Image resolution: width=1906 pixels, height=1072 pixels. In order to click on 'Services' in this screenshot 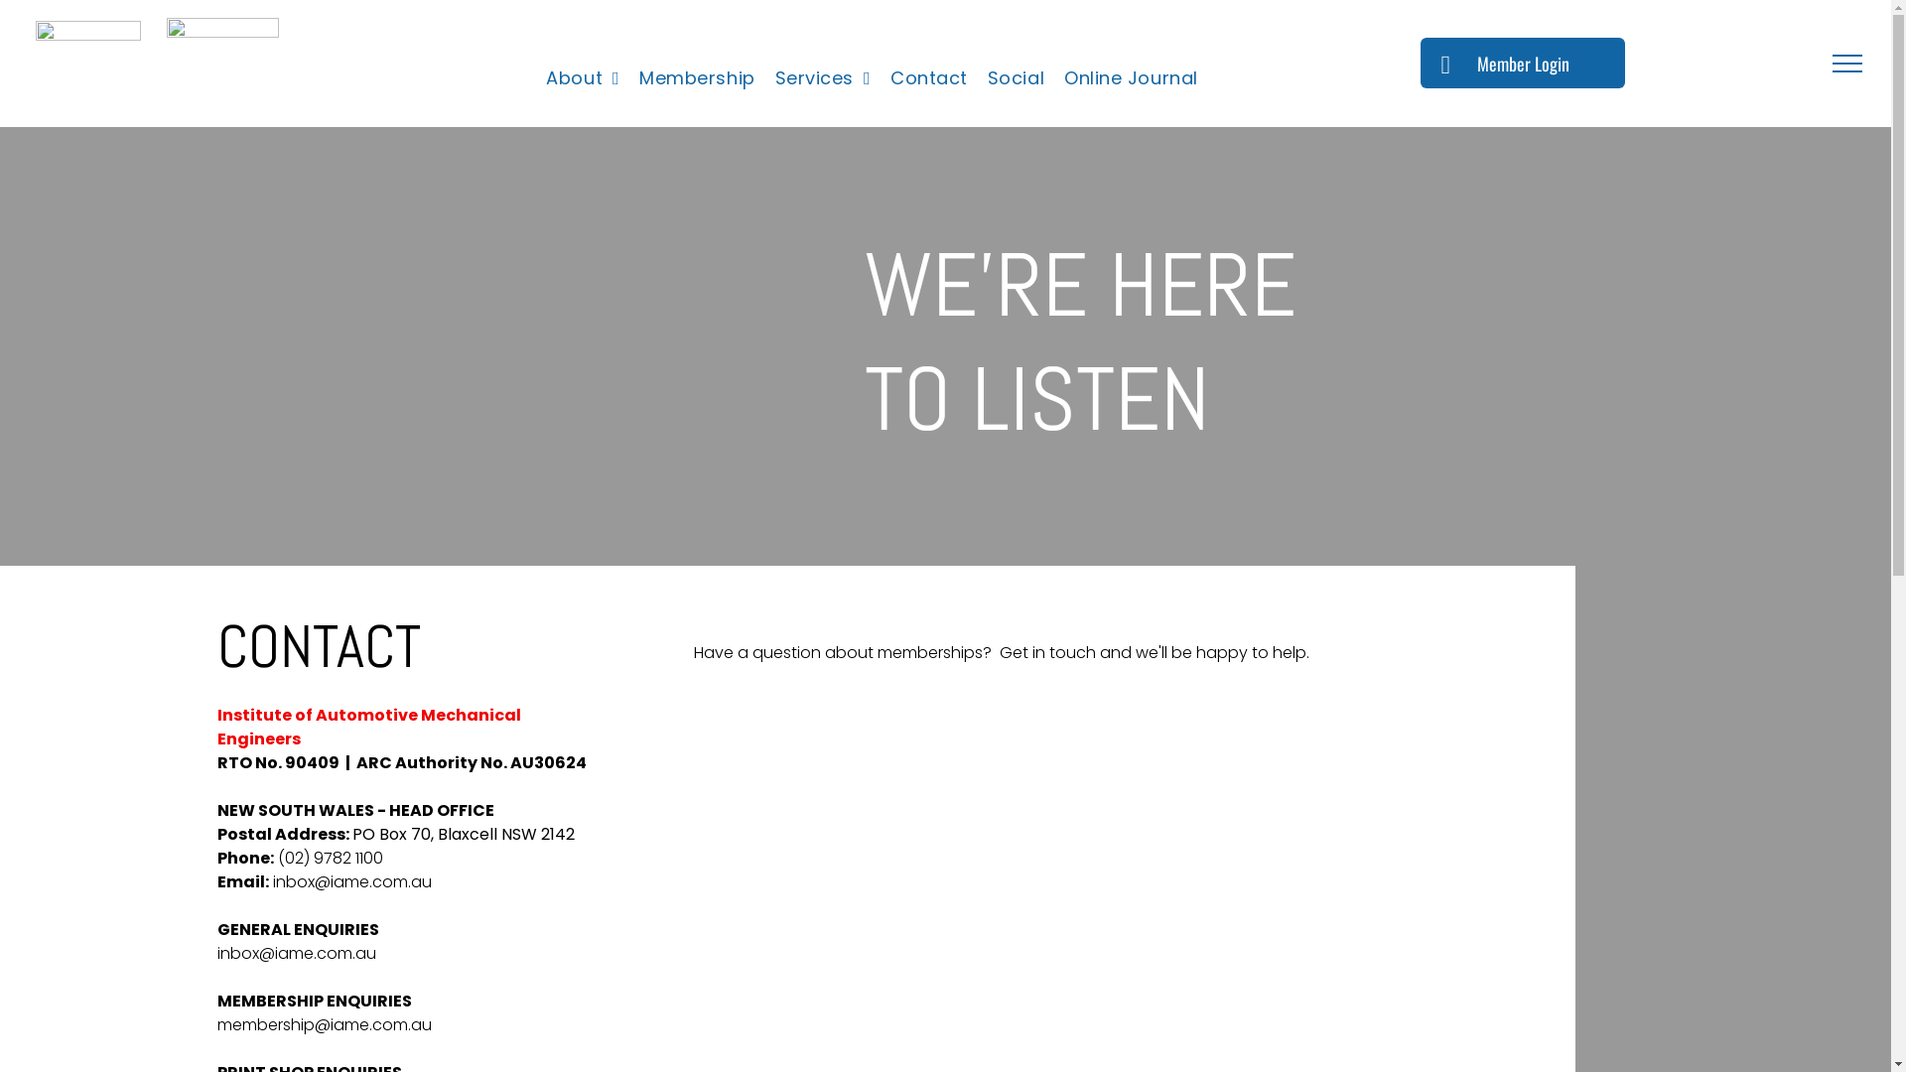, I will do `click(823, 76)`.